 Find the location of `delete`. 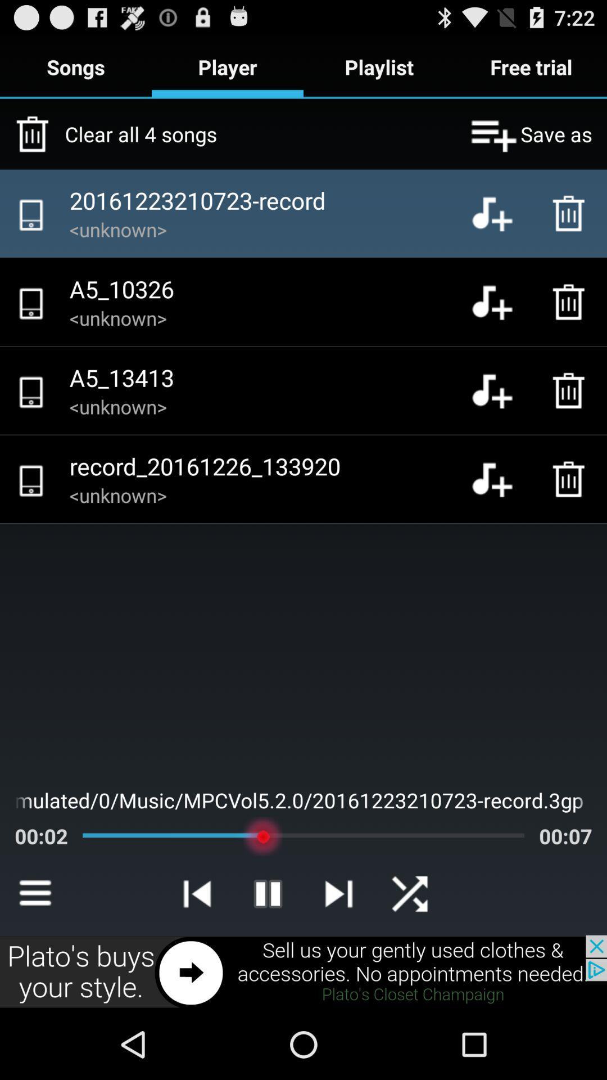

delete is located at coordinates (572, 479).